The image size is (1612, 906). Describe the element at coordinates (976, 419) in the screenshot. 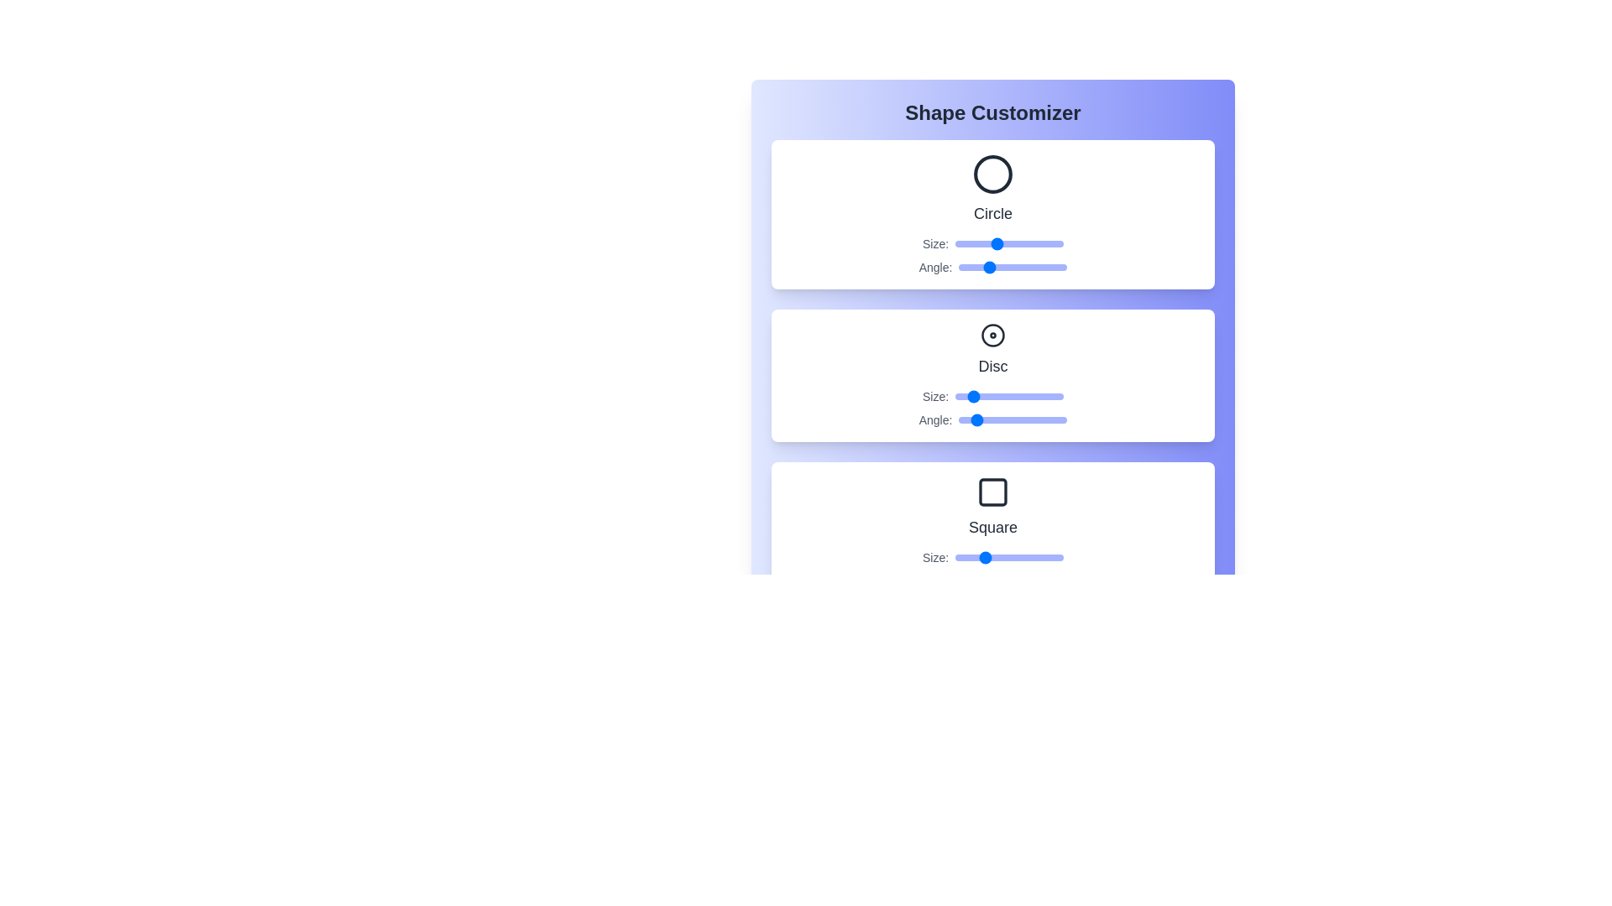

I see `the angle of the Disc shape to 58 degrees` at that location.